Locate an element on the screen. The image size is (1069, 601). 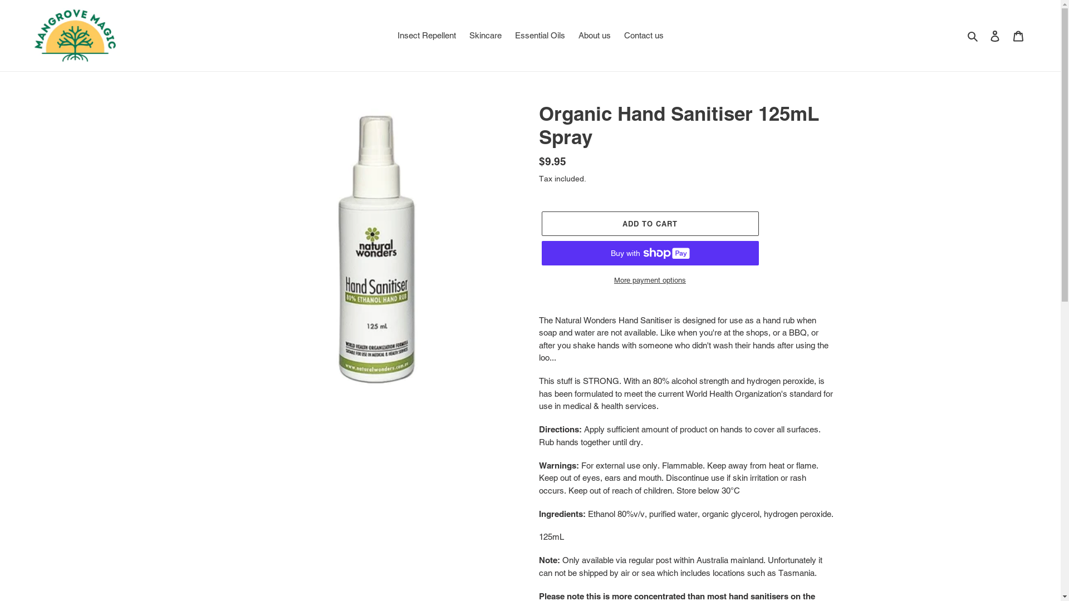
'Contact us' is located at coordinates (643, 35).